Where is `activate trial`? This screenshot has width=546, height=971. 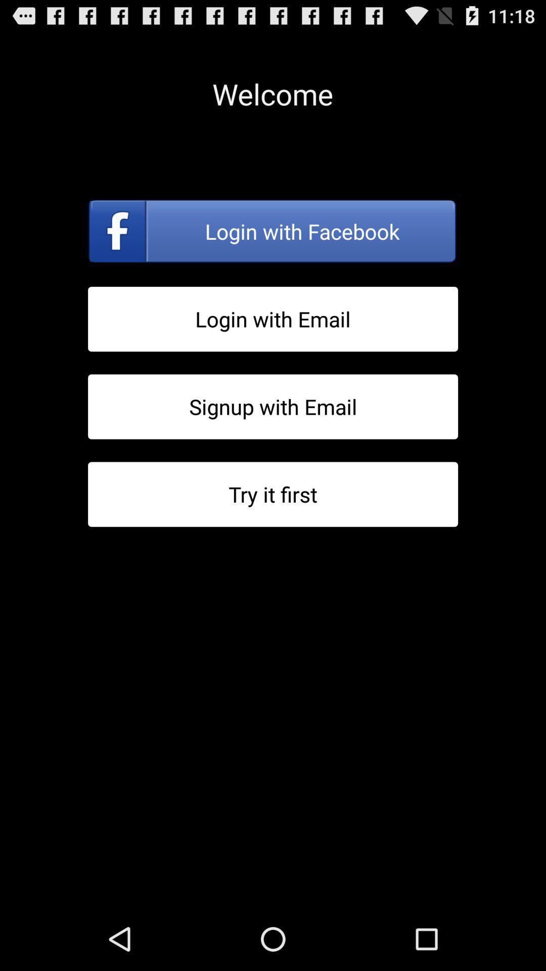
activate trial is located at coordinates (273, 494).